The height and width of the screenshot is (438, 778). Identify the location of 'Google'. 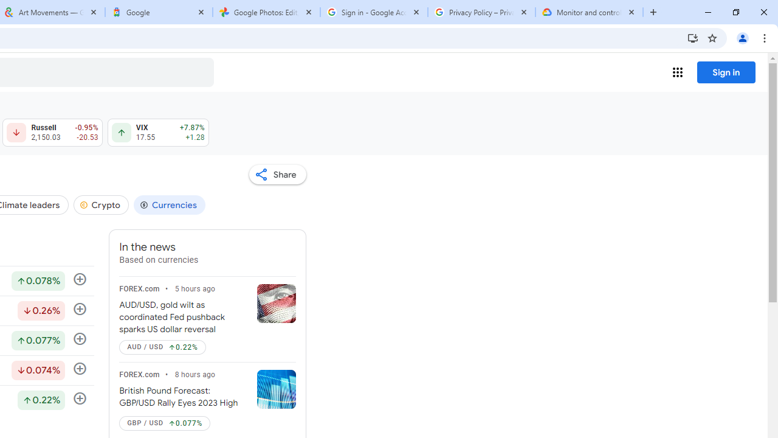
(158, 12).